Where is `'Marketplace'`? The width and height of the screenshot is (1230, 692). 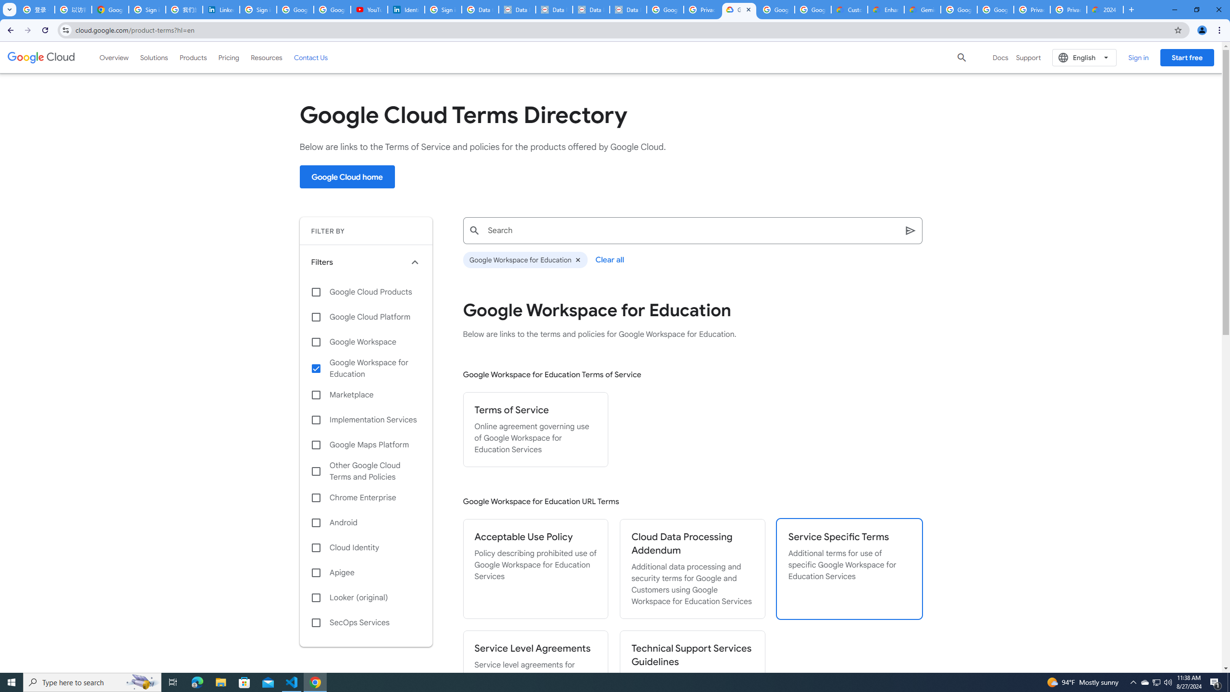 'Marketplace' is located at coordinates (366, 395).